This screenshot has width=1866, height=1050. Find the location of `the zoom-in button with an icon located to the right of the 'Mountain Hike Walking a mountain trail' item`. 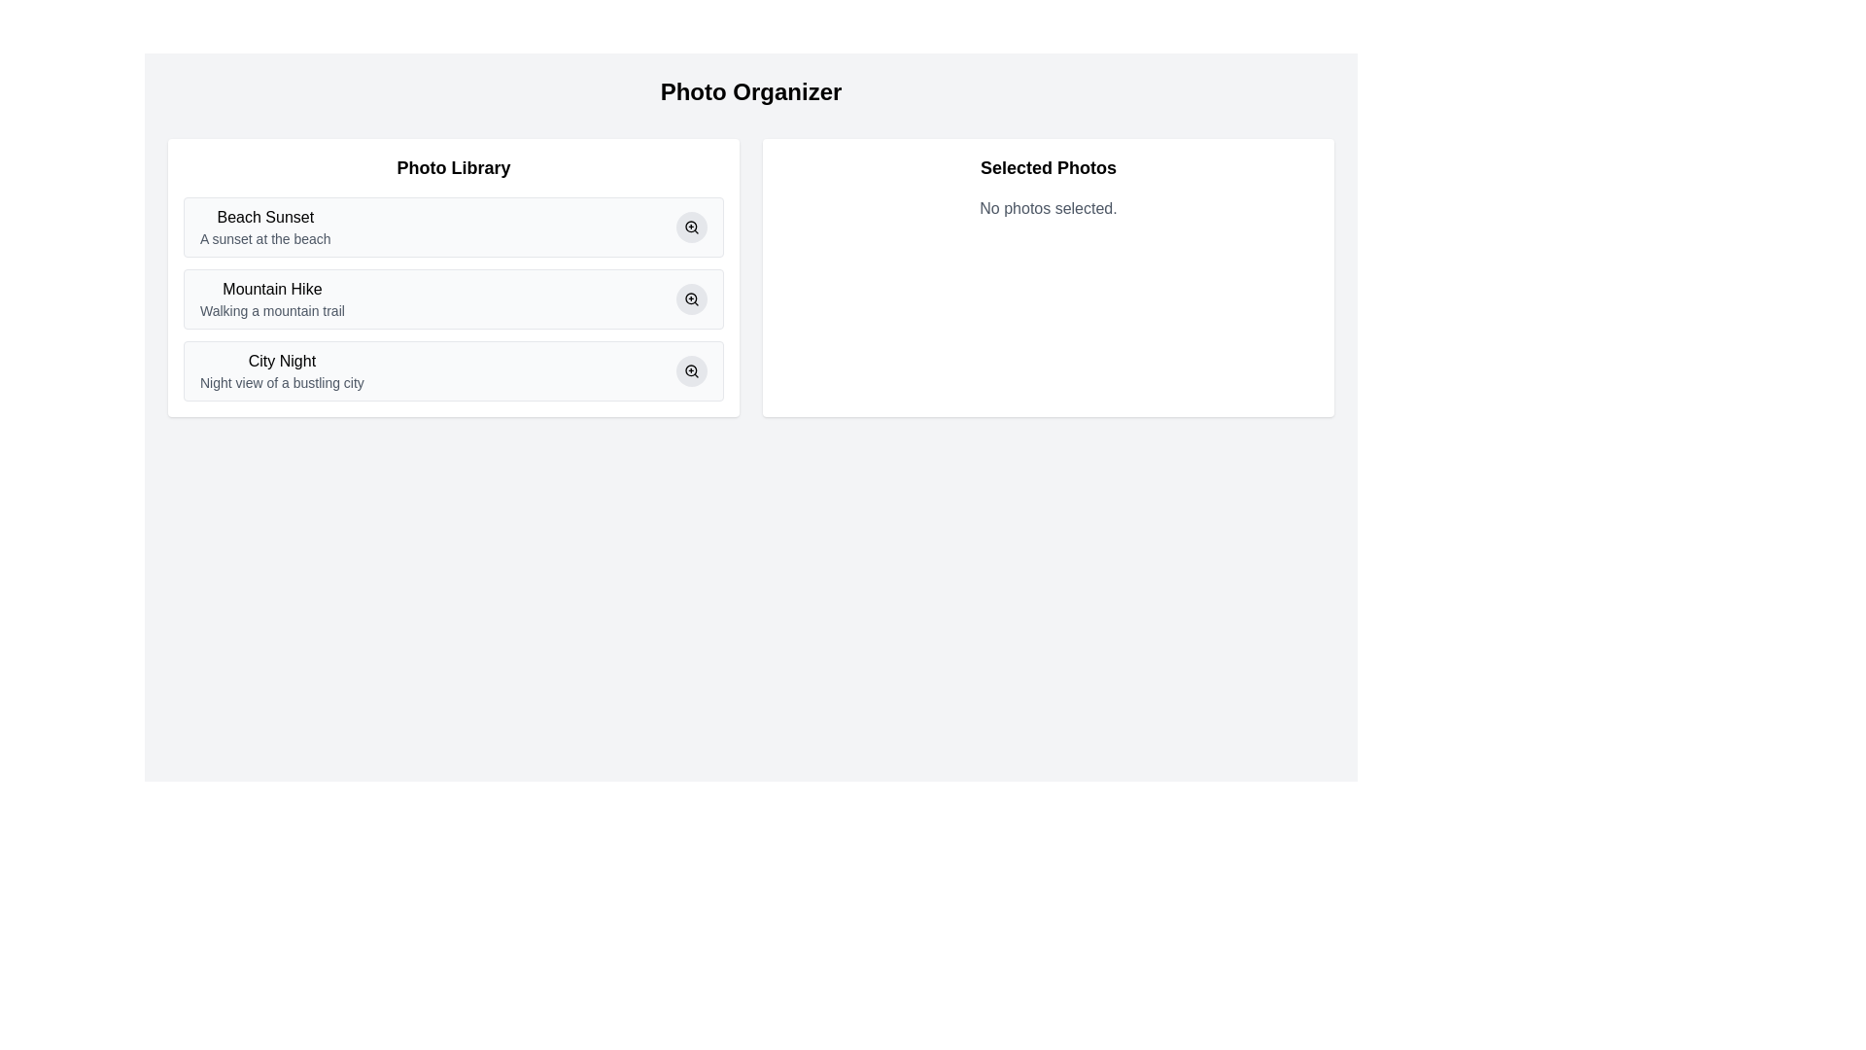

the zoom-in button with an icon located to the right of the 'Mountain Hike Walking a mountain trail' item is located at coordinates (691, 299).